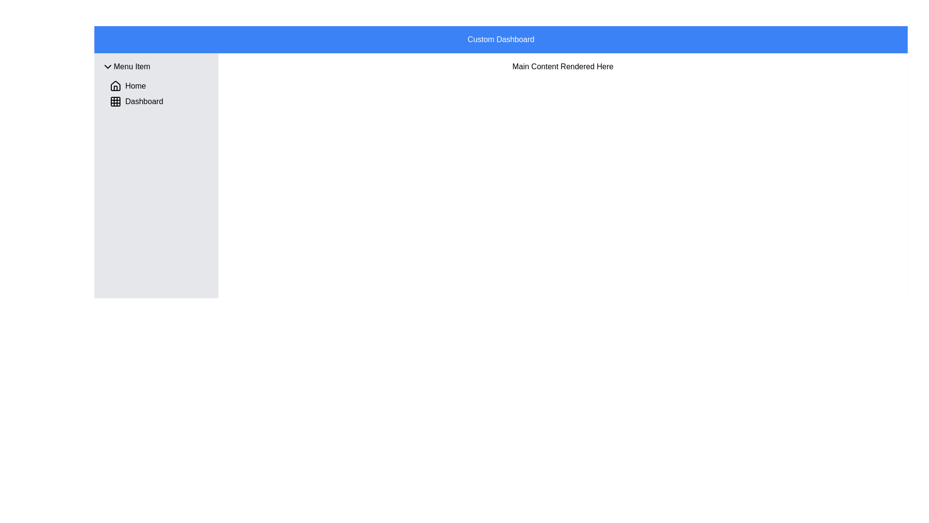 The image size is (929, 523). I want to click on keyboard navigation, so click(107, 66).